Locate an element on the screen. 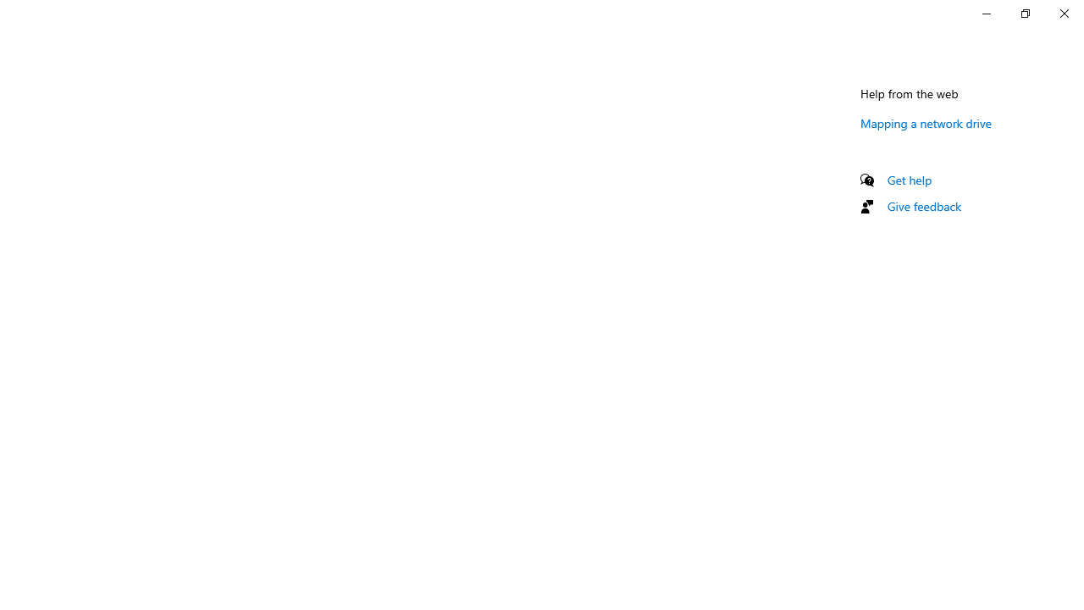 The width and height of the screenshot is (1084, 610). 'Restore Settings' is located at coordinates (1024, 13).